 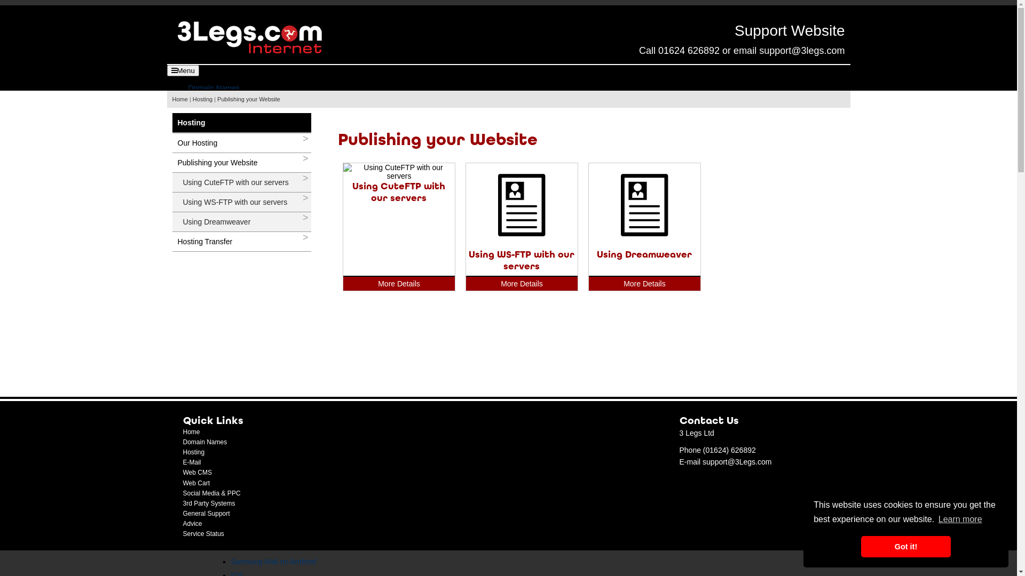 What do you see at coordinates (182, 70) in the screenshot?
I see `'Menu'` at bounding box center [182, 70].